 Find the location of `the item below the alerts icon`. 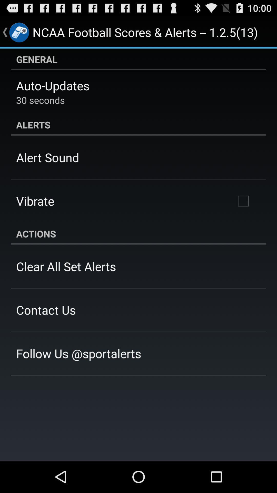

the item below the alerts icon is located at coordinates (243, 201).